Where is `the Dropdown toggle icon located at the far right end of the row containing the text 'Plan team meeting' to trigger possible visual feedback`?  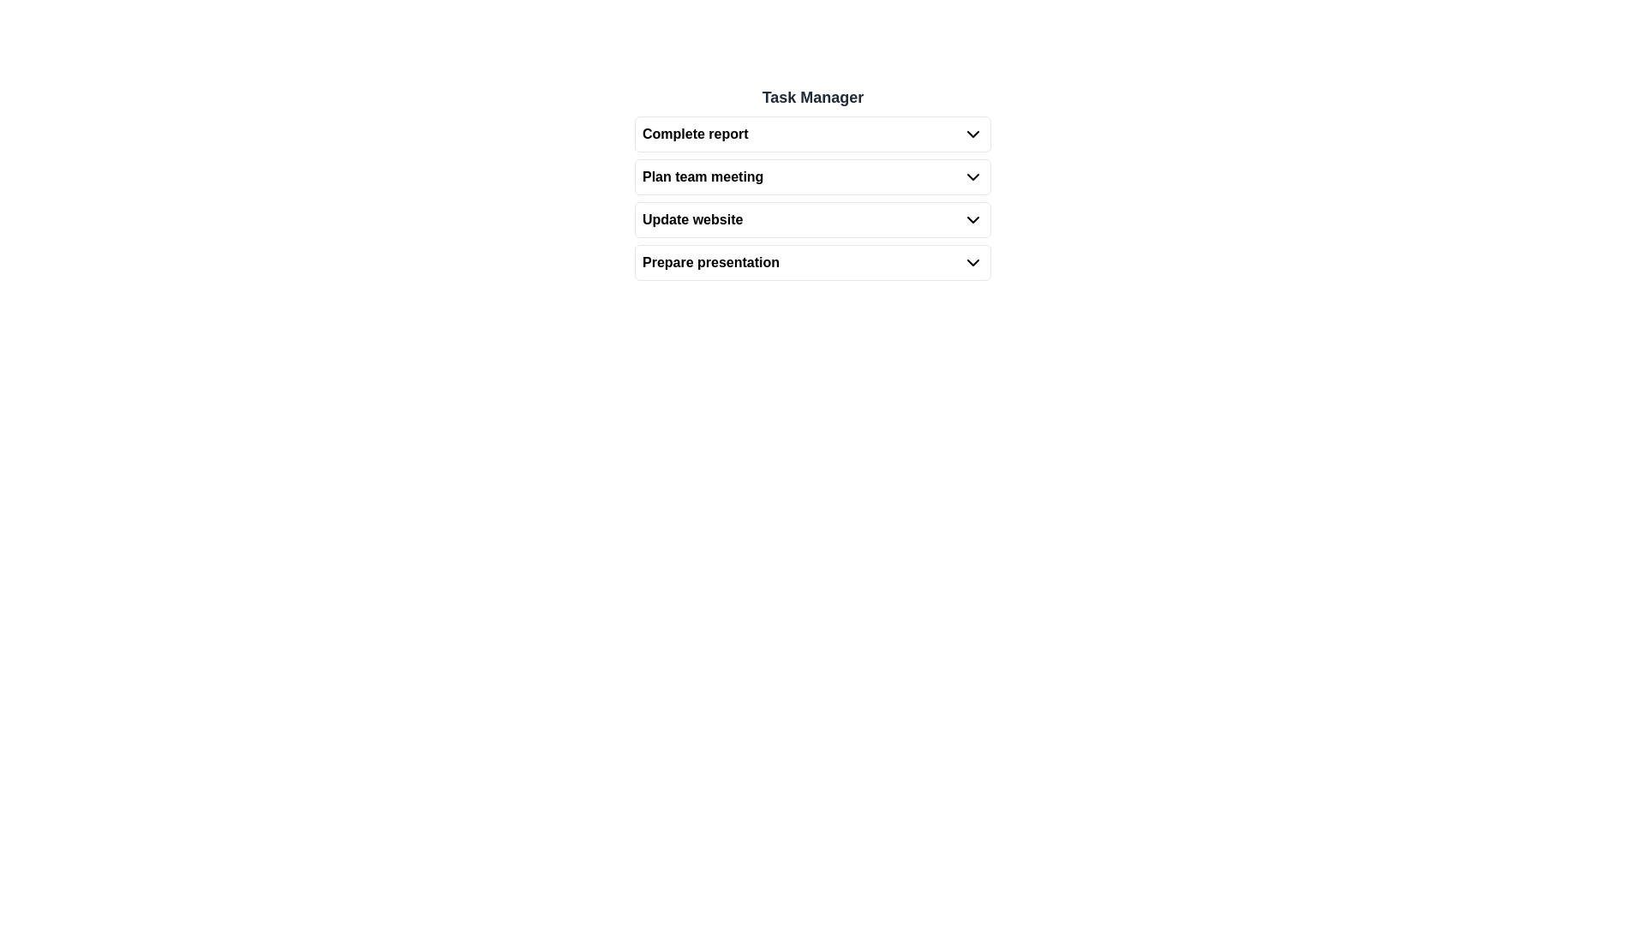 the Dropdown toggle icon located at the far right end of the row containing the text 'Plan team meeting' to trigger possible visual feedback is located at coordinates (973, 177).